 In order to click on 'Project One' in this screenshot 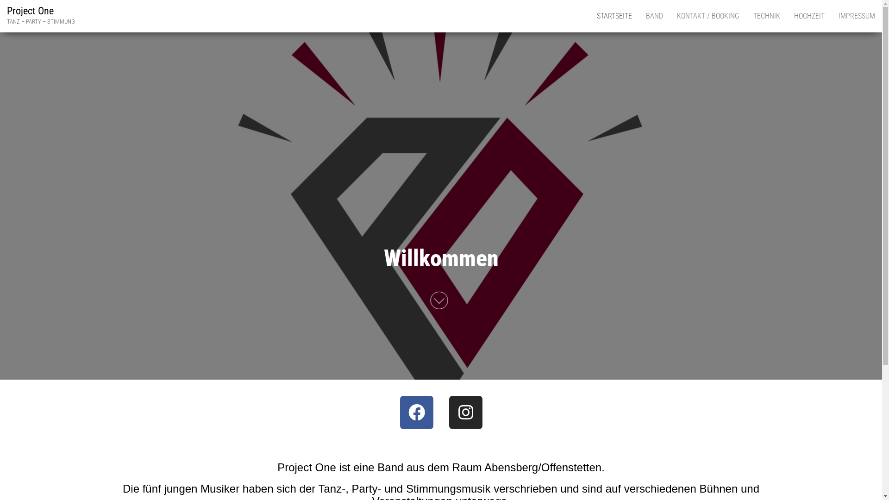, I will do `click(30, 11)`.